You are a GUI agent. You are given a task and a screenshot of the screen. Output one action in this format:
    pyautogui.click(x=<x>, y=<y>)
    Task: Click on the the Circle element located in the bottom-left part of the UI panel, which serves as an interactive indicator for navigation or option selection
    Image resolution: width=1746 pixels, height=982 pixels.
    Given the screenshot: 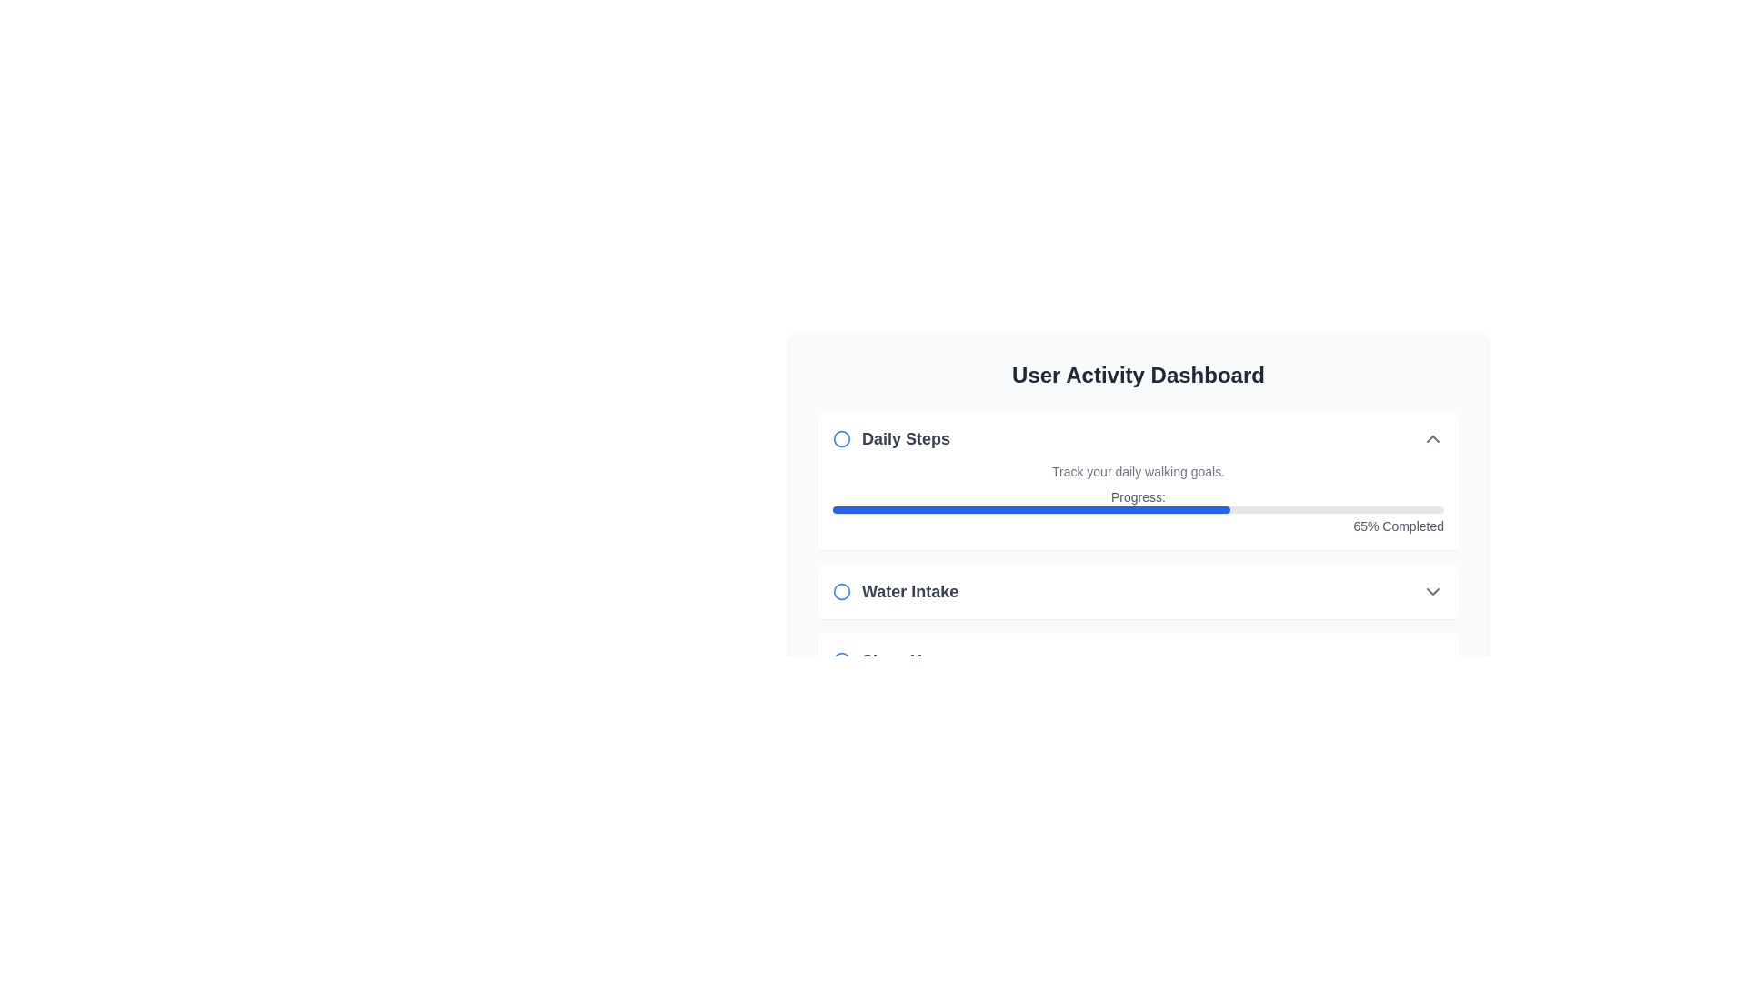 What is the action you would take?
    pyautogui.click(x=841, y=660)
    